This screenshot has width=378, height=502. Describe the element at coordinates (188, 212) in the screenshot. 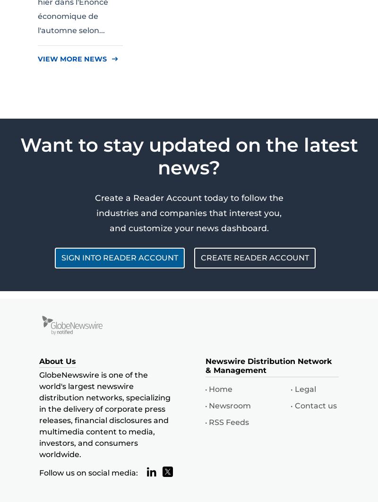

I see `'Create a Reader Account today to follow the industries and companies that interest you, and customize your news dashboard.'` at that location.